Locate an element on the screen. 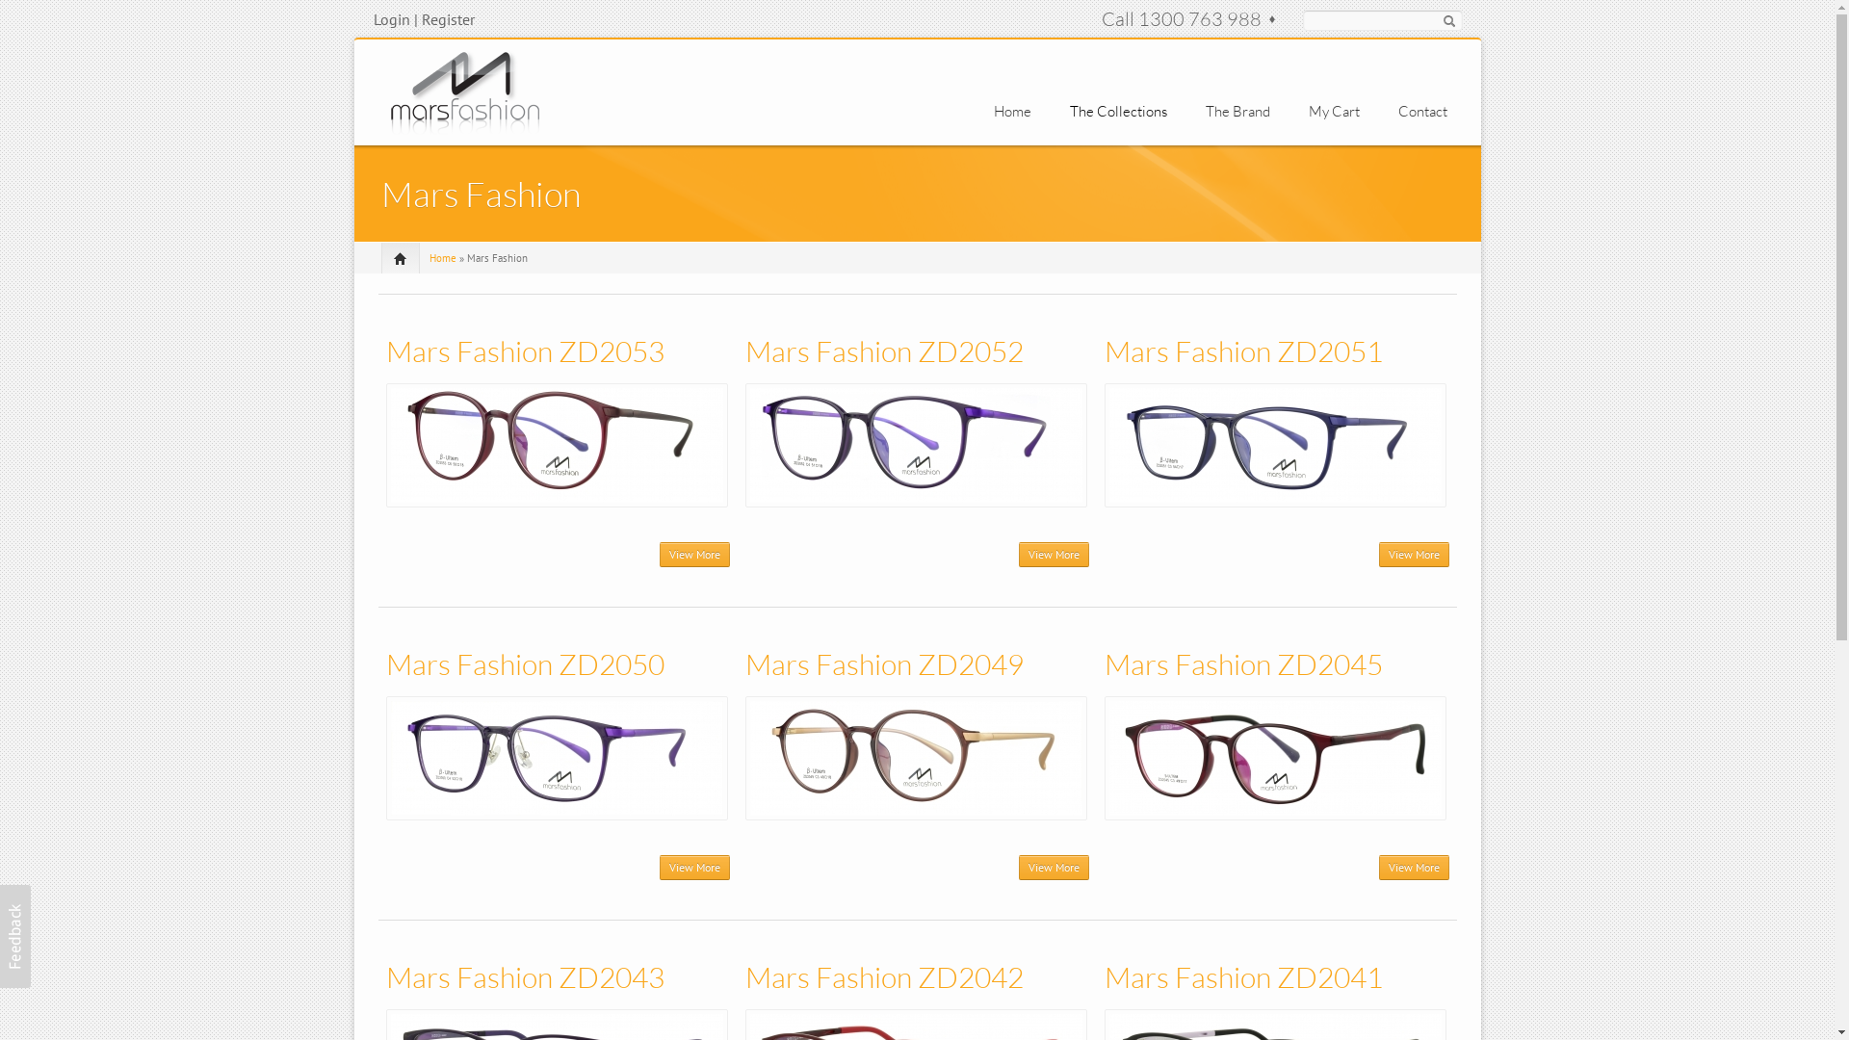 Image resolution: width=1849 pixels, height=1040 pixels. 'The Brand' is located at coordinates (1237, 111).